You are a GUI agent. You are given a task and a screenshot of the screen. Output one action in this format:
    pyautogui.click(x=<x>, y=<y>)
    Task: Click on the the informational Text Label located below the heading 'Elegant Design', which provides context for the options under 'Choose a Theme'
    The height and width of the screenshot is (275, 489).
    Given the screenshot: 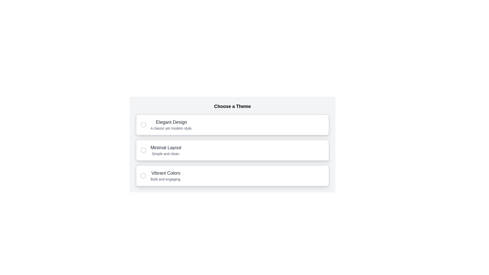 What is the action you would take?
    pyautogui.click(x=171, y=128)
    